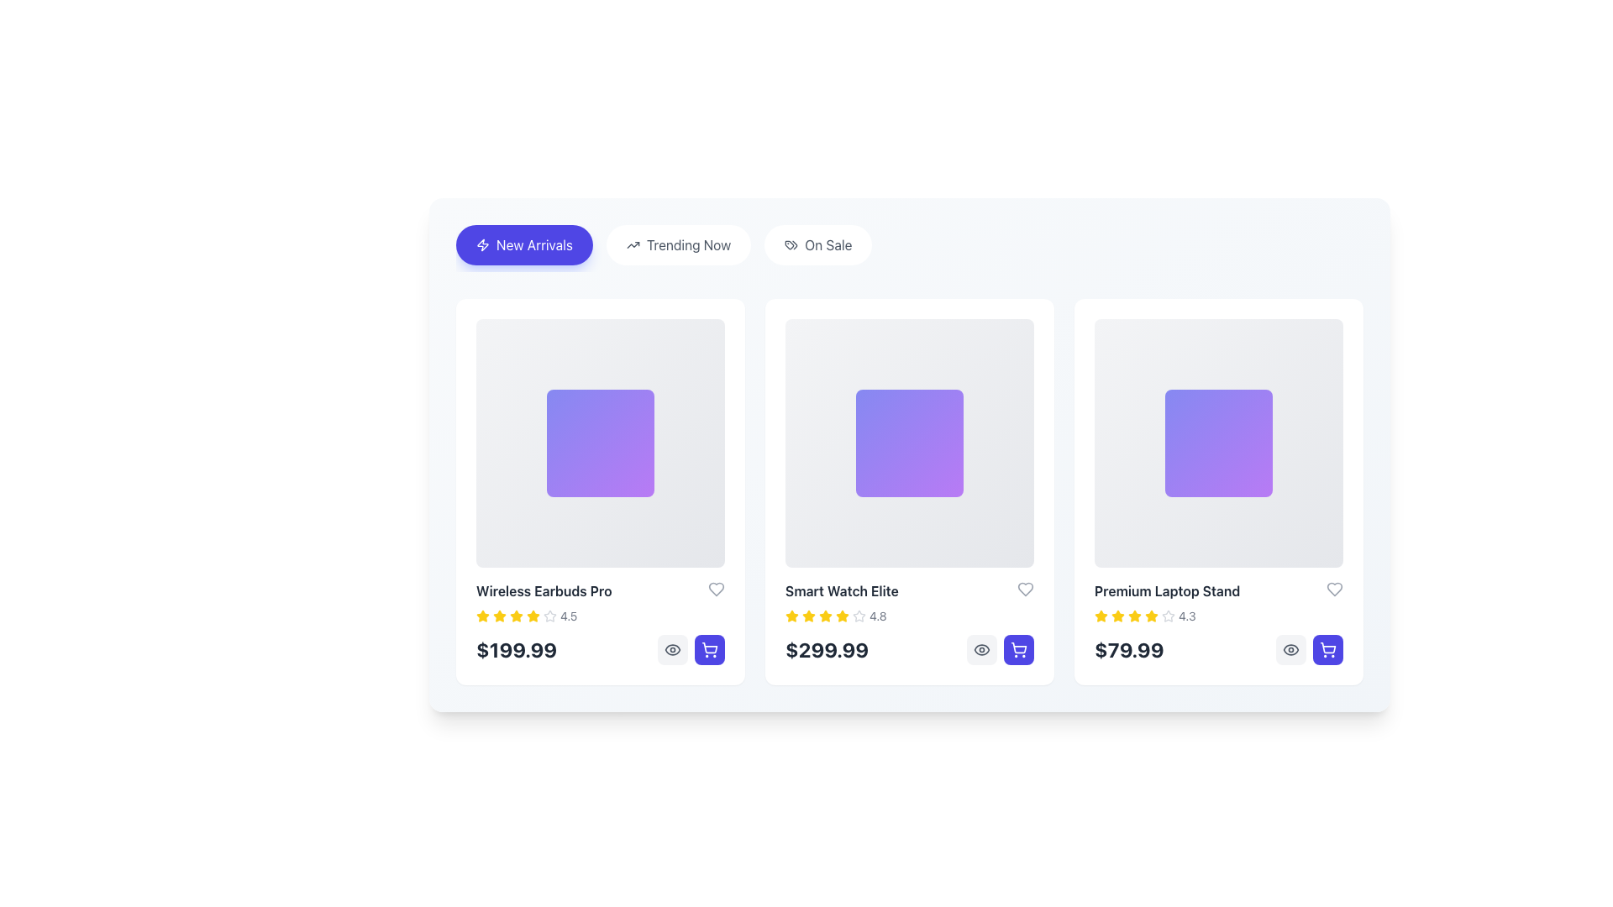  I want to click on the preview button for the product 'Wireless Earbuds Pro' located below the product card, which is the first button in a horizontal list of interactive buttons, so click(673, 649).